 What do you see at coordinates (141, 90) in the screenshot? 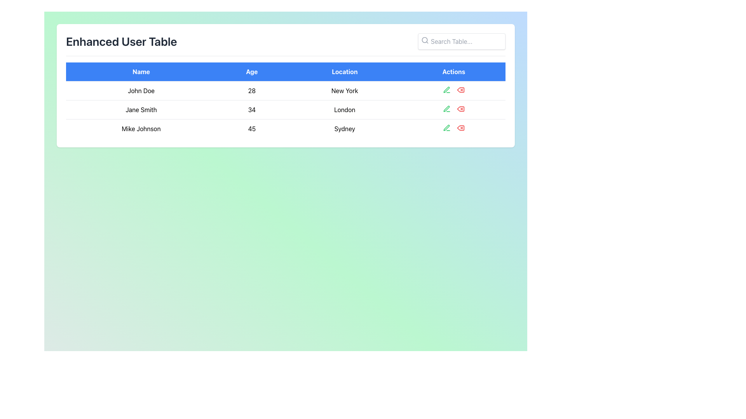
I see `the text label displaying 'John Doe', which is the first column entry in the table's first data row, positioned to the left of other elements like '28' and 'New York'` at bounding box center [141, 90].